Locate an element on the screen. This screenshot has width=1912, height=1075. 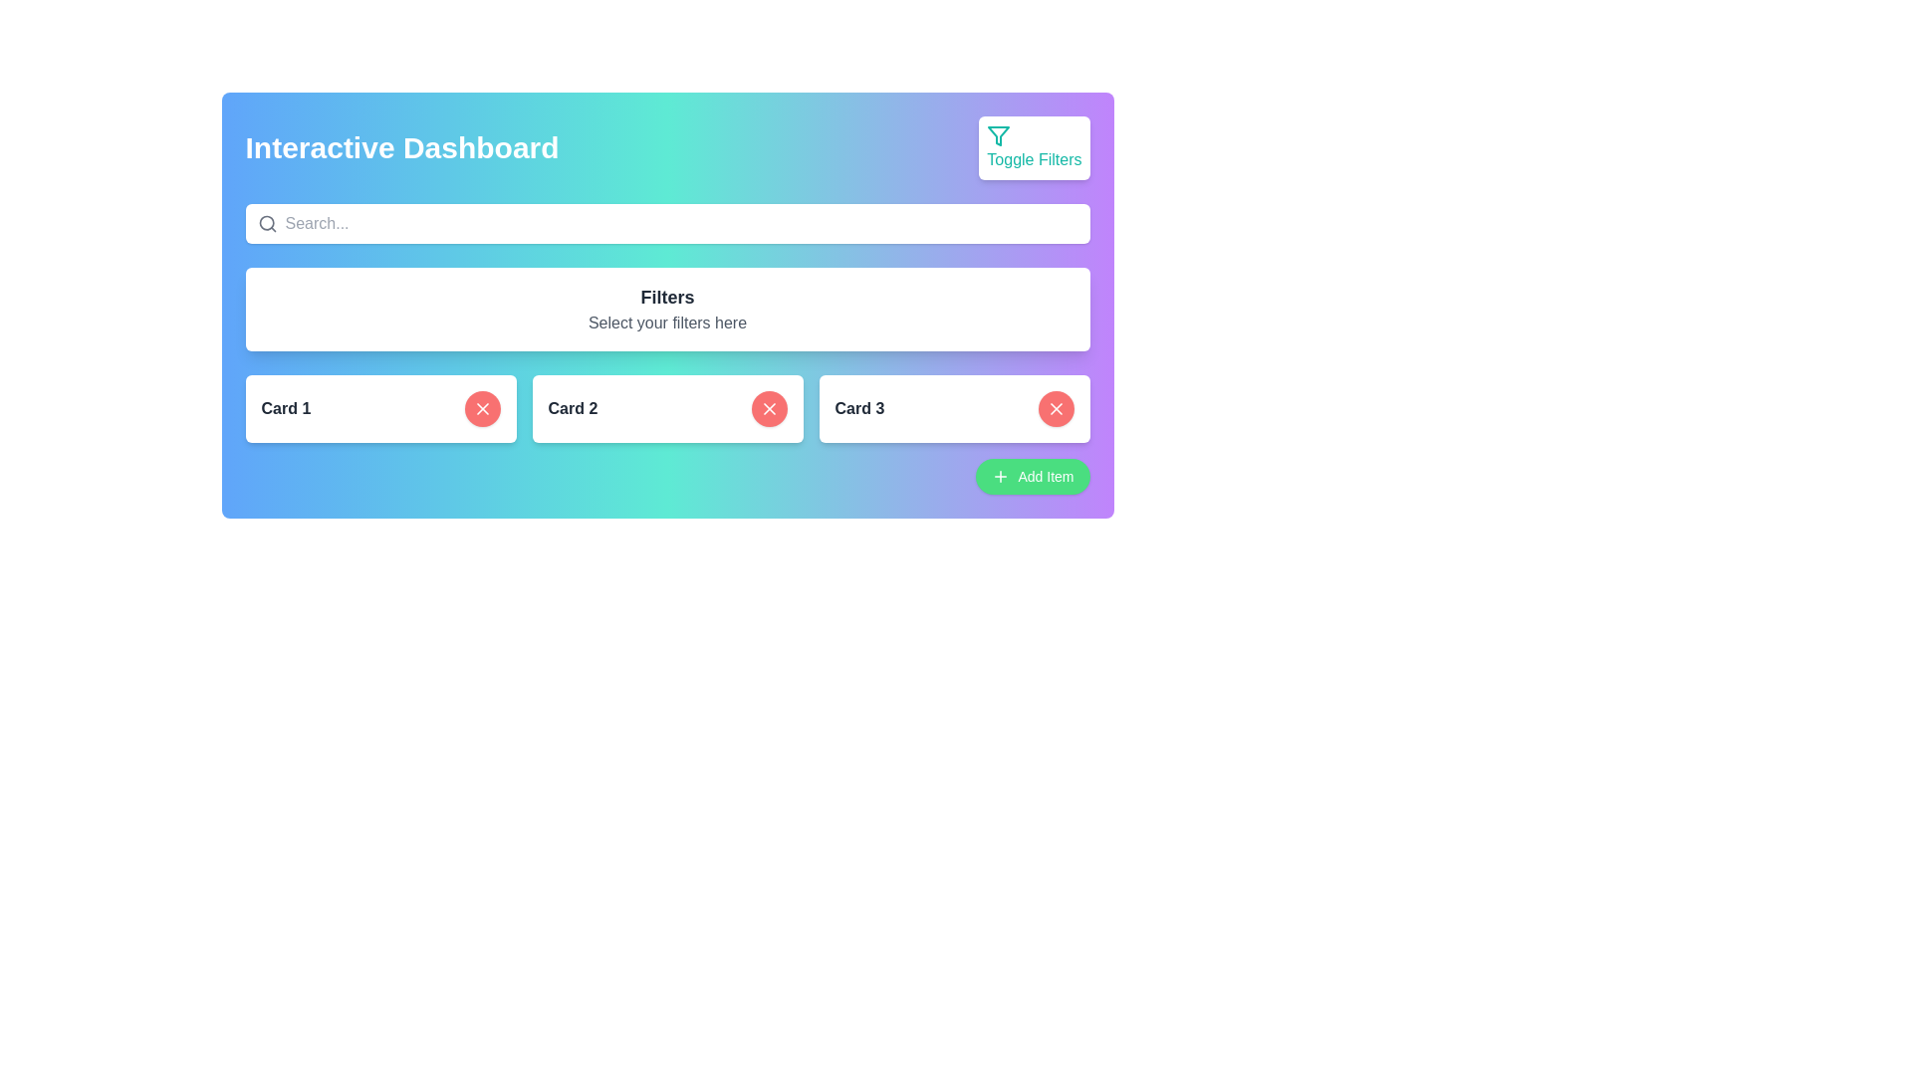
the Grid Layout element, which contains interactive cards for reordering, from its current position is located at coordinates (667, 408).